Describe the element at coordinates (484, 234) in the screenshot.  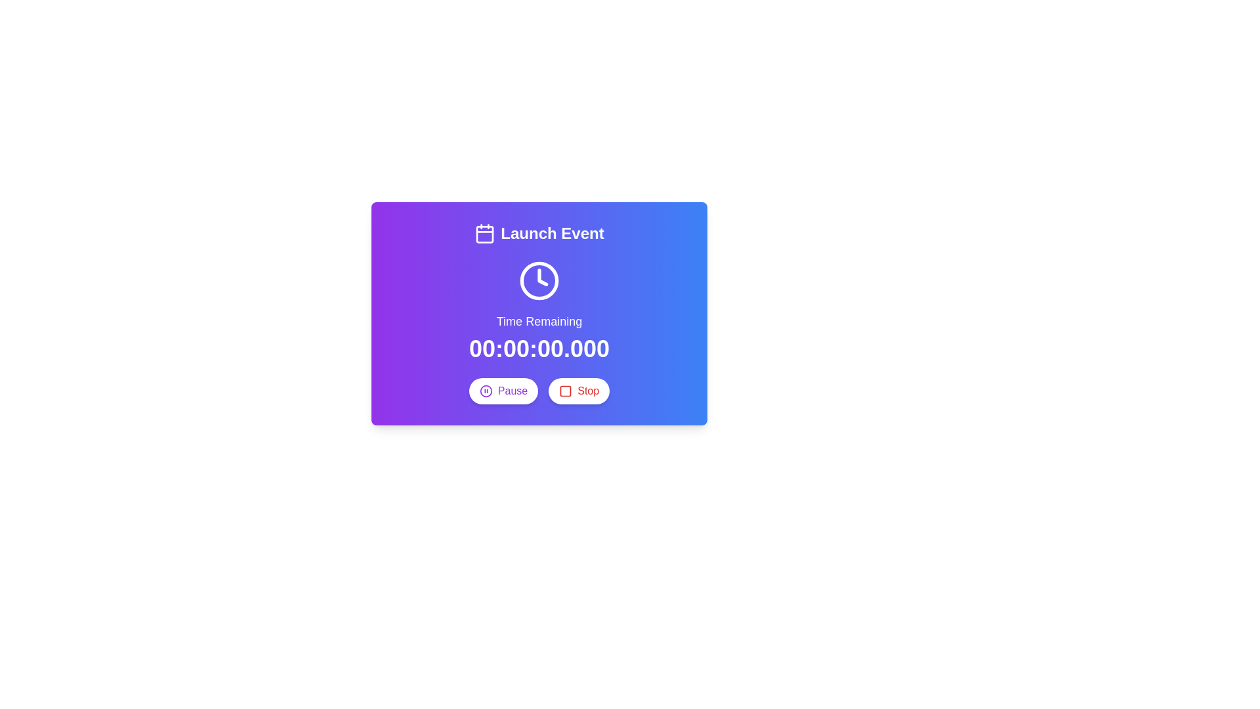
I see `the square-shaped element with rounded corners that has a solid purple background, located inside a calendar icon above the text 'Launch Event'` at that location.